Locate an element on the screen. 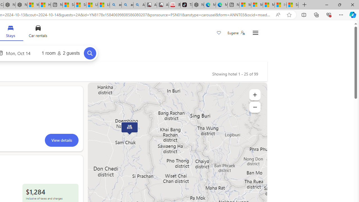 Image resolution: width=359 pixels, height=202 pixels. 'Minimize' is located at coordinates (326, 4).